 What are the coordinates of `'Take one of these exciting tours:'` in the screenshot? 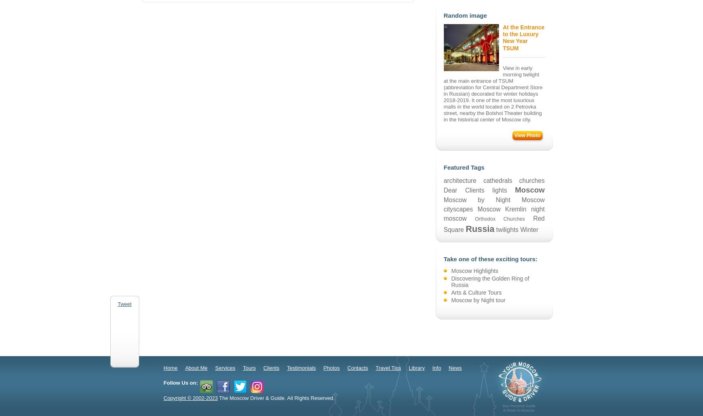 It's located at (490, 258).